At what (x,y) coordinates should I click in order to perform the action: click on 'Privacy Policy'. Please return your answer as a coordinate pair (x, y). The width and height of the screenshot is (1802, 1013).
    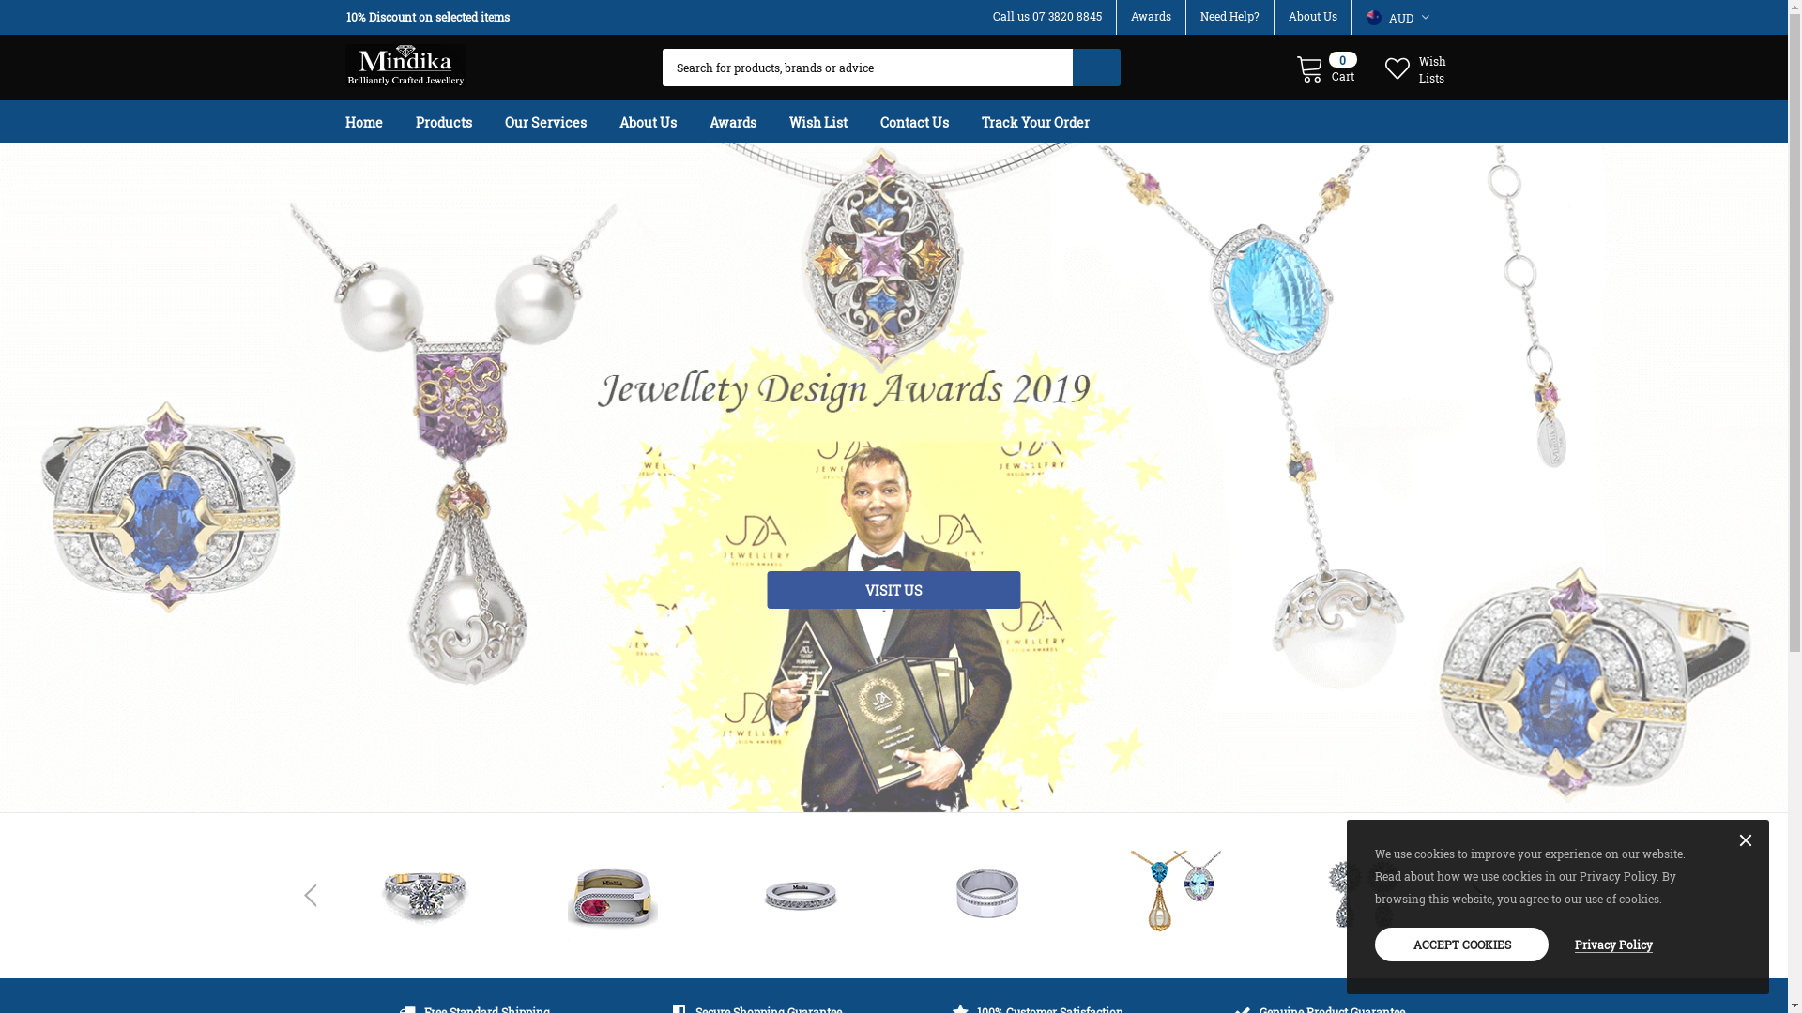
    Looking at the image, I should click on (1612, 944).